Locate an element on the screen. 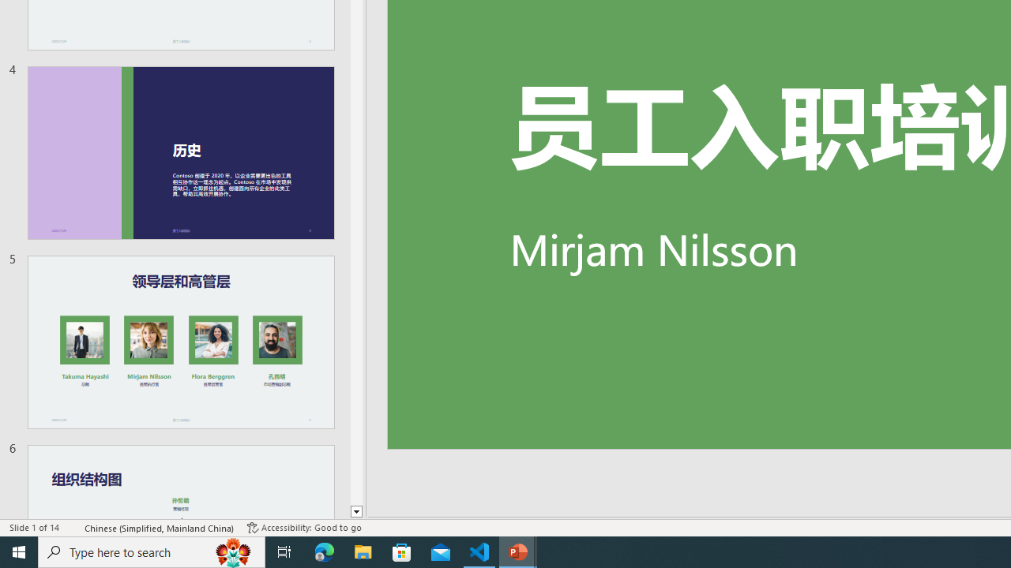 The width and height of the screenshot is (1011, 568). 'Spell Check ' is located at coordinates (72, 528).